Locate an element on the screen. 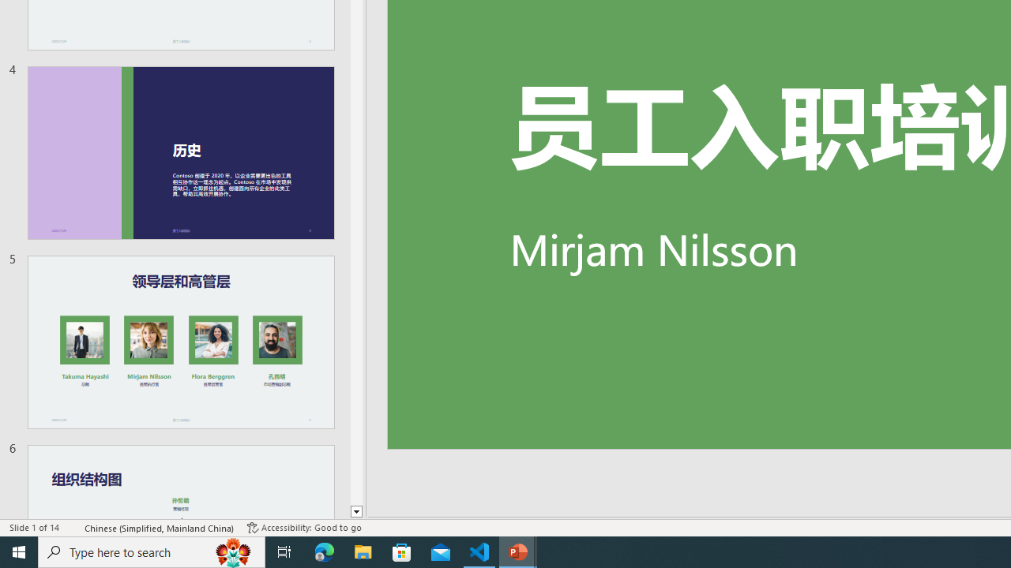 The width and height of the screenshot is (1011, 568). 'Spell Check ' is located at coordinates (72, 528).